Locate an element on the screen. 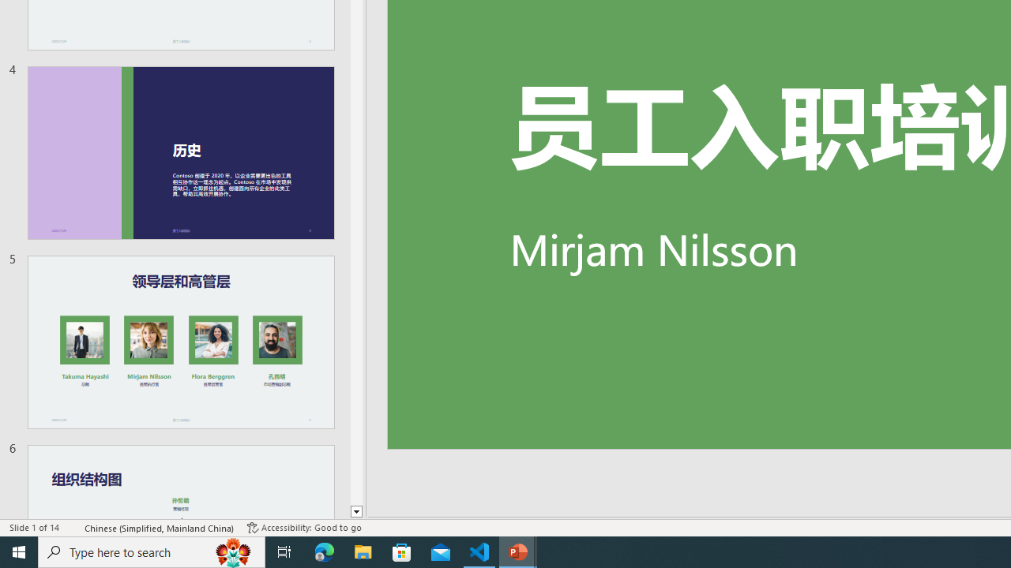 The width and height of the screenshot is (1011, 568). 'Spell Check ' is located at coordinates (72, 528).